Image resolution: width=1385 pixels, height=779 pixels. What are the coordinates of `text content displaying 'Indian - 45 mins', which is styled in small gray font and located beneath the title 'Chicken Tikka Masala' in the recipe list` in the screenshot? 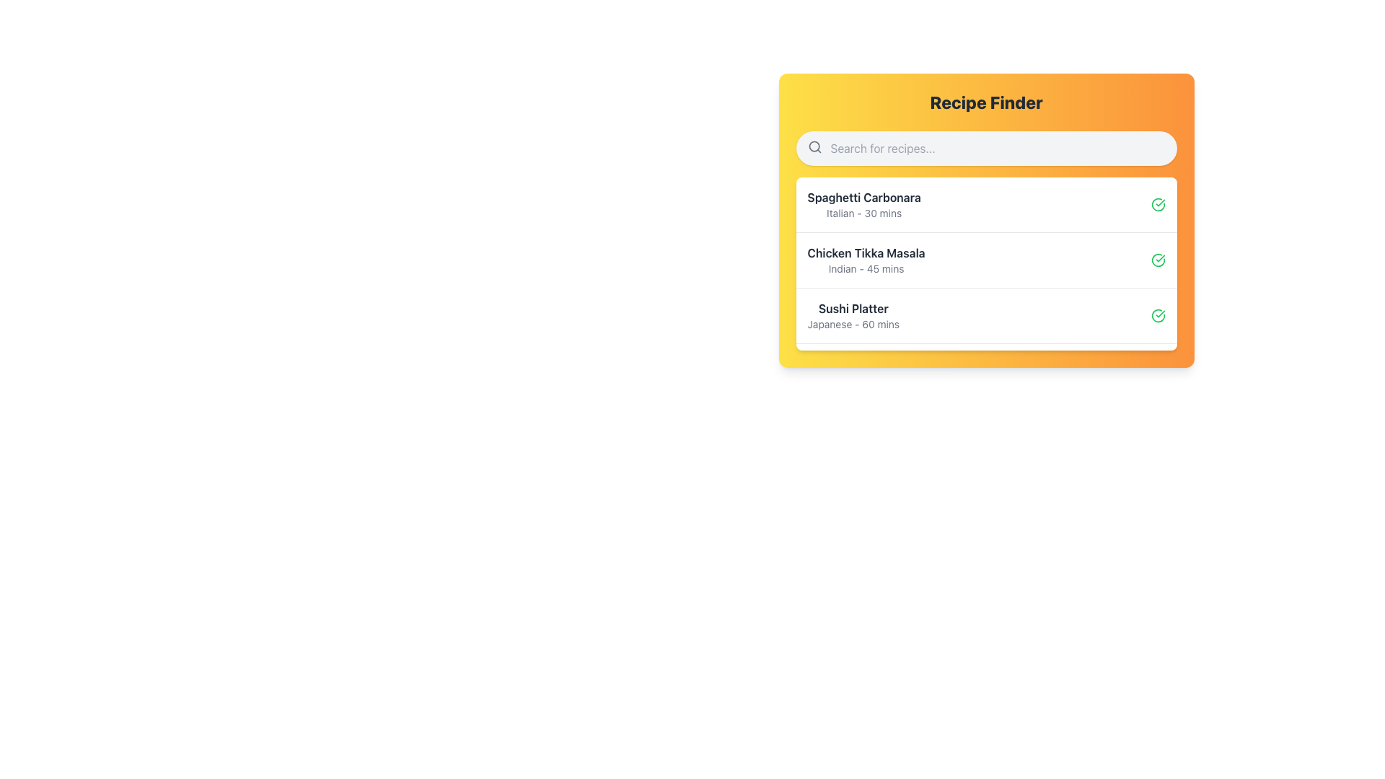 It's located at (866, 269).